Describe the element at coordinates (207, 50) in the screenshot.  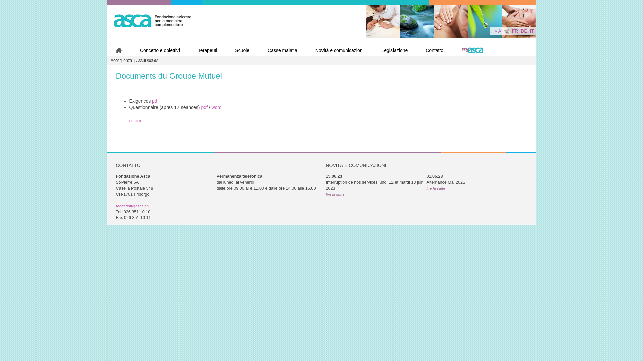
I see `'Terapeuti'` at that location.